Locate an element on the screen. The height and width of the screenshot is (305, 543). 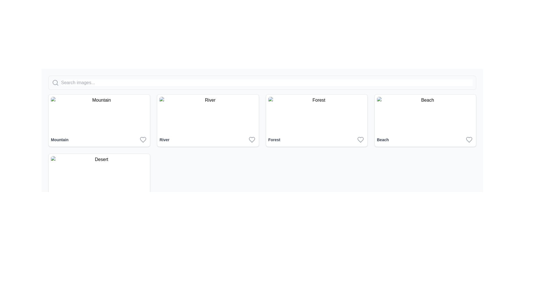
the heart icon located at the bottom-right corner of the 'Forest' card to mark it as a favorite is located at coordinates (360, 140).